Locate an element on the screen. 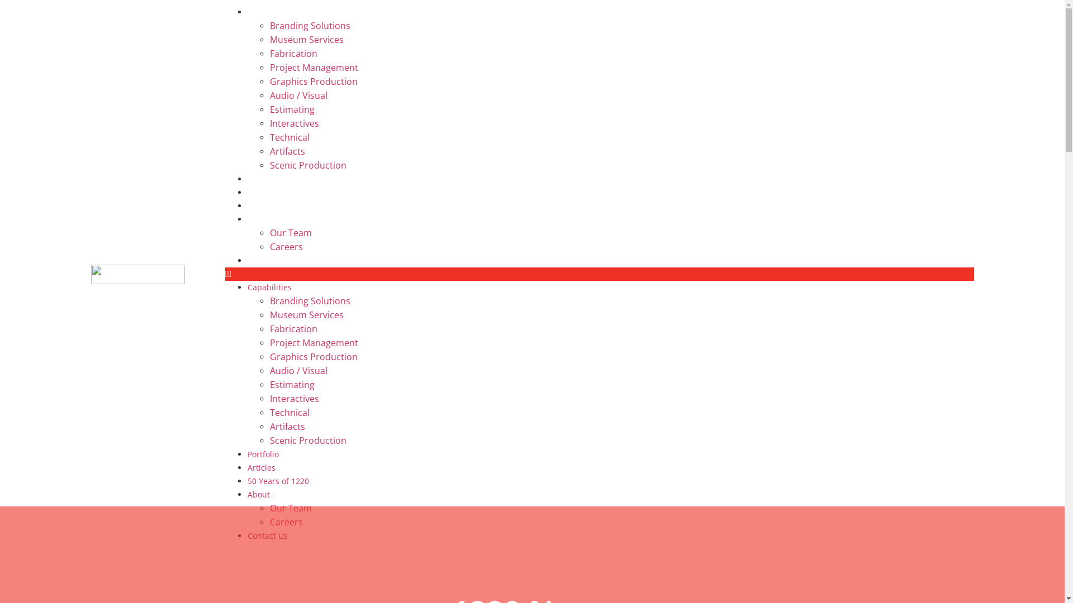  'Audio / Visual' is located at coordinates (298, 370).